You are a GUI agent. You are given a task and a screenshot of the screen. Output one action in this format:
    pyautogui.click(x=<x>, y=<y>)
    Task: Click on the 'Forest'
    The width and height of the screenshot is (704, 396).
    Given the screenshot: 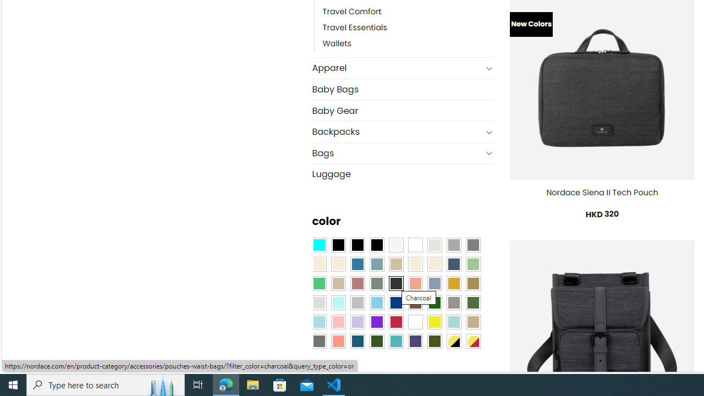 What is the action you would take?
    pyautogui.click(x=376, y=340)
    